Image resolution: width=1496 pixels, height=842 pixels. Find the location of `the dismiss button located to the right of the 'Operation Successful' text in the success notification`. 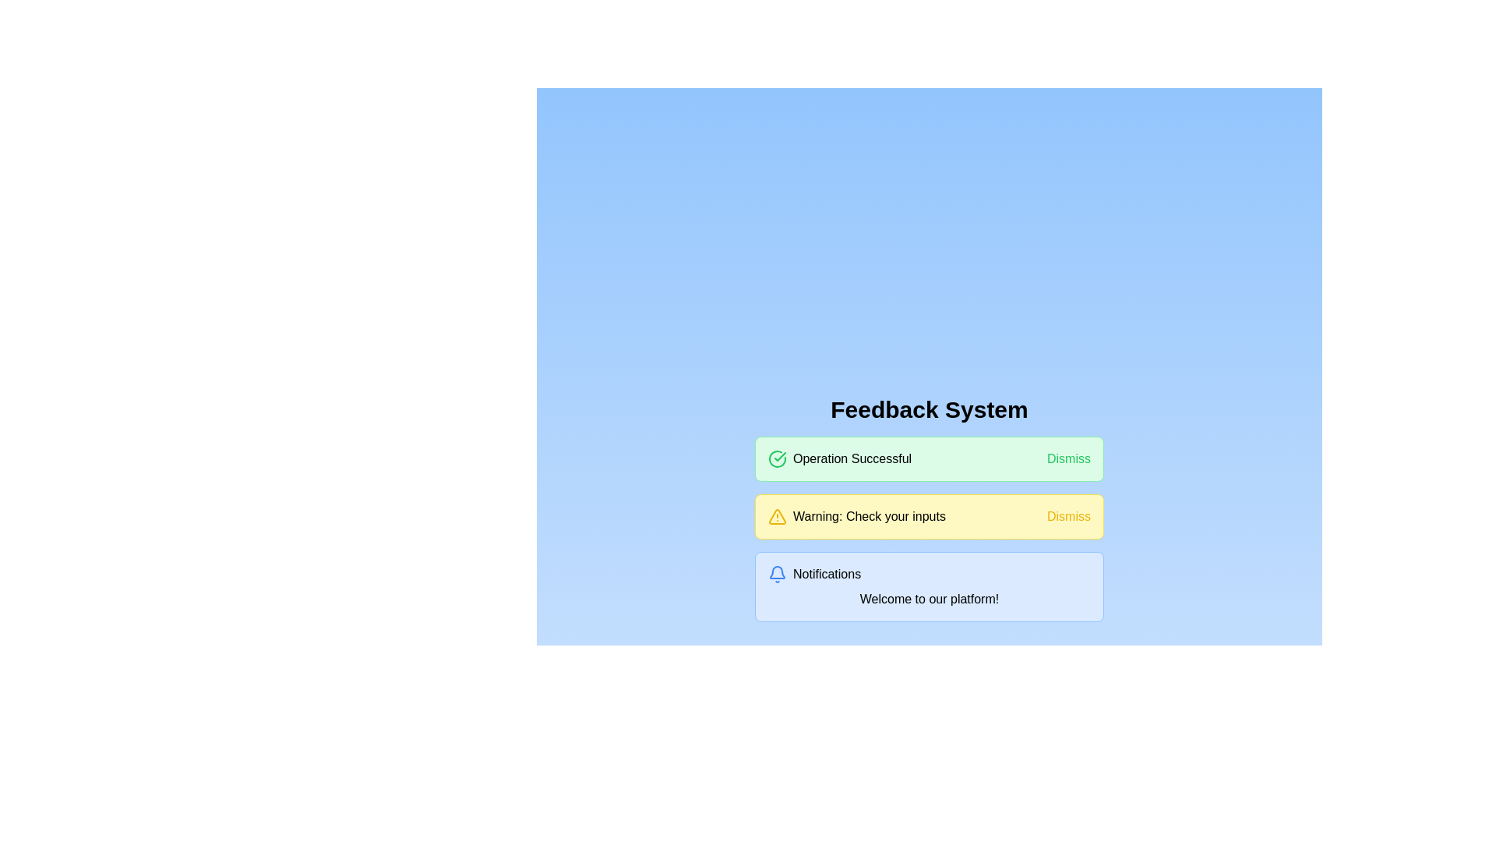

the dismiss button located to the right of the 'Operation Successful' text in the success notification is located at coordinates (1068, 458).